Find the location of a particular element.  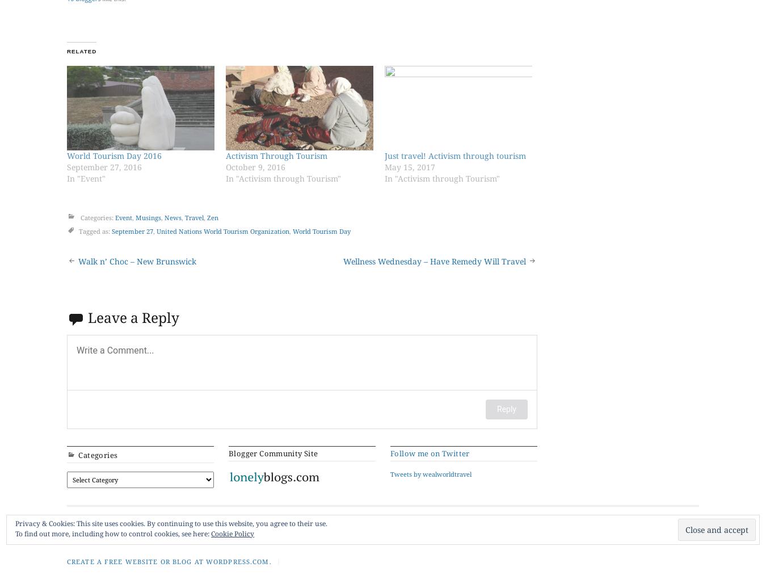

'Travel' is located at coordinates (149, 519).